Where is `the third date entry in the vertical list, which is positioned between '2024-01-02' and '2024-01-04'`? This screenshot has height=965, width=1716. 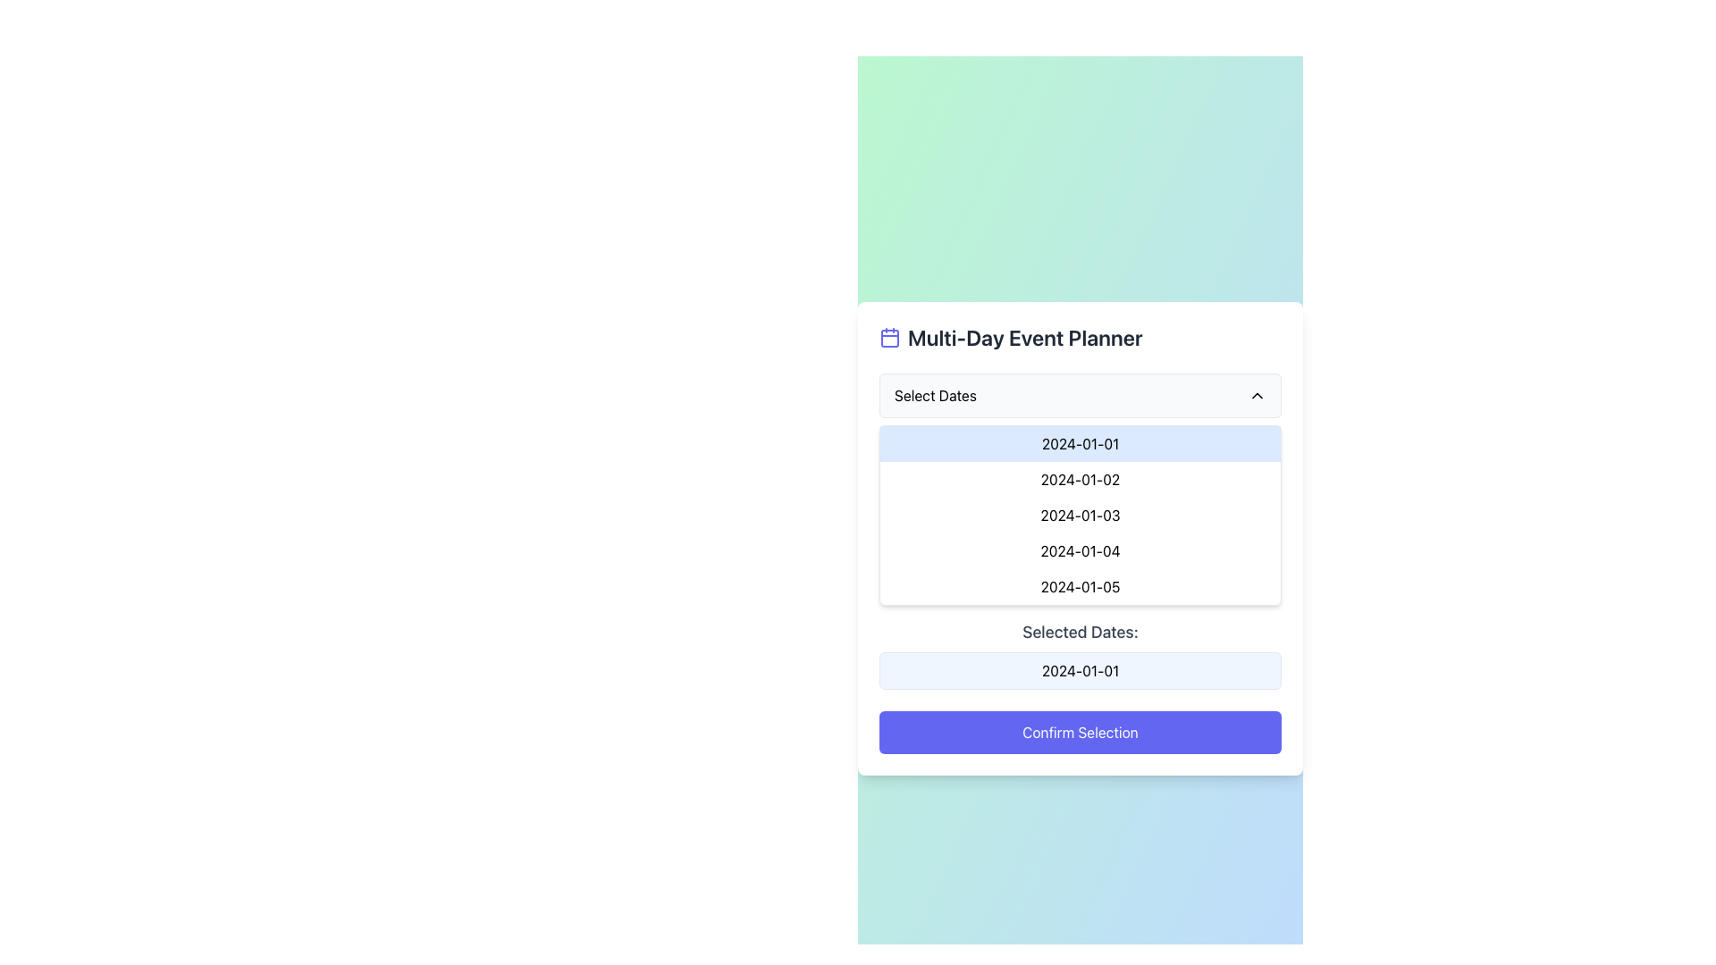
the third date entry in the vertical list, which is positioned between '2024-01-02' and '2024-01-04' is located at coordinates (1080, 516).